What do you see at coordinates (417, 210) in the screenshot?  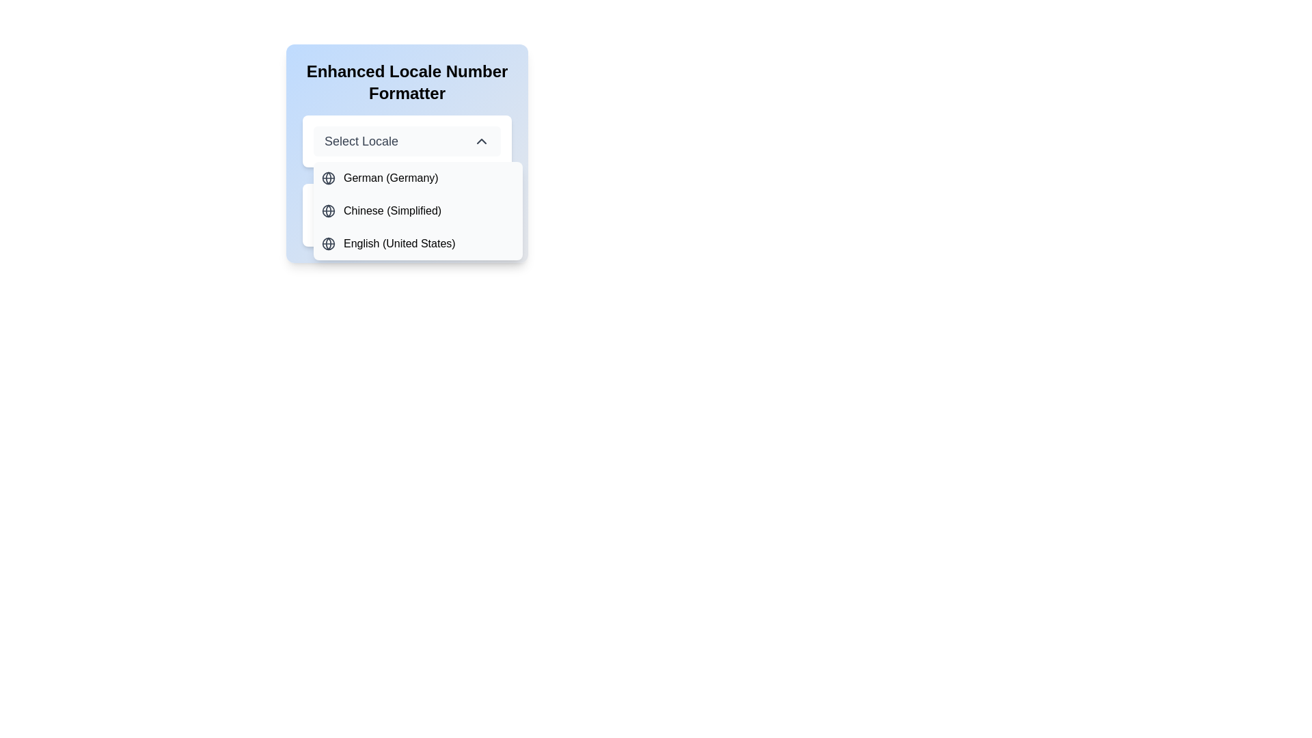 I see `the dropdown menu option labeled 'Chinese (Simplified)', which is the second option in the list between 'German (Germany)' and 'English (United States)'` at bounding box center [417, 210].